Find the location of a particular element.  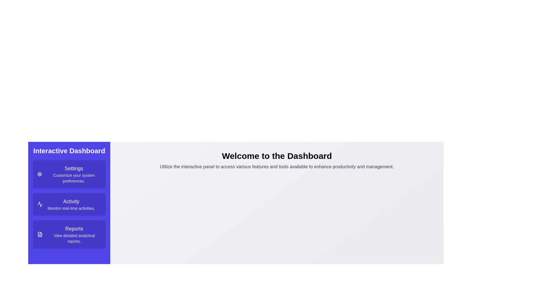

the 'Settings' menu option is located at coordinates (69, 174).